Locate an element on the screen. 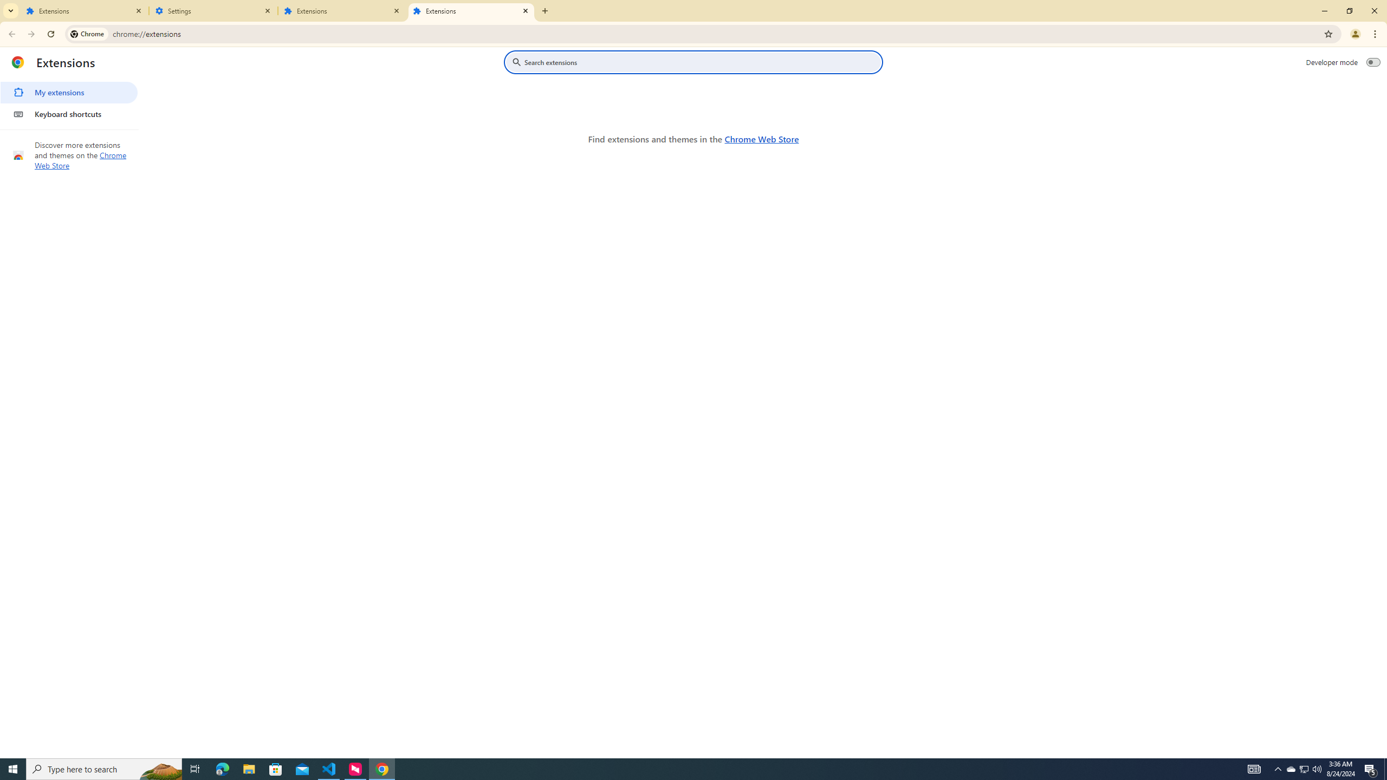 This screenshot has width=1387, height=780. 'My extensions' is located at coordinates (68, 93).